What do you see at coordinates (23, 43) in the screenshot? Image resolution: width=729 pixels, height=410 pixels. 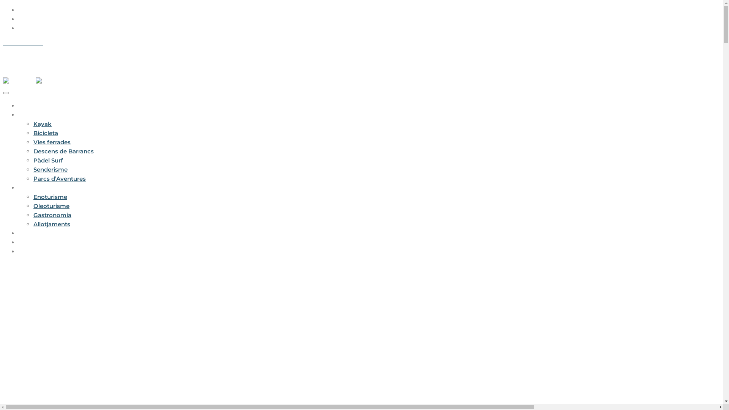 I see `'+34699145782'` at bounding box center [23, 43].